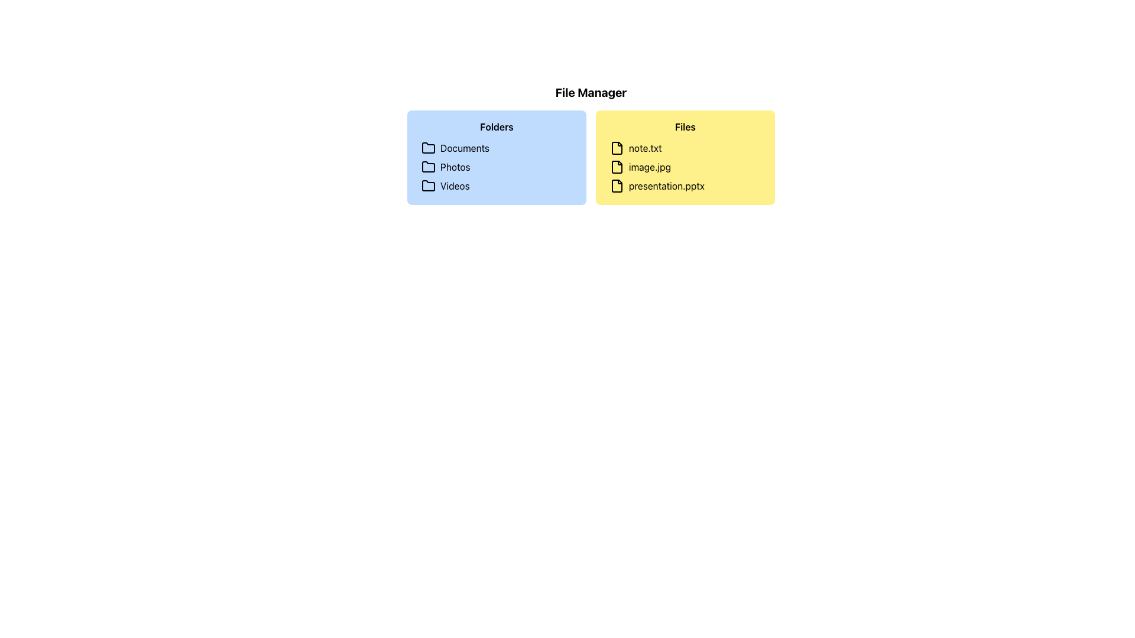 Image resolution: width=1135 pixels, height=638 pixels. What do you see at coordinates (616, 167) in the screenshot?
I see `the document icon representing the file 'image.jpg' located in the 'Files' section of the interface` at bounding box center [616, 167].